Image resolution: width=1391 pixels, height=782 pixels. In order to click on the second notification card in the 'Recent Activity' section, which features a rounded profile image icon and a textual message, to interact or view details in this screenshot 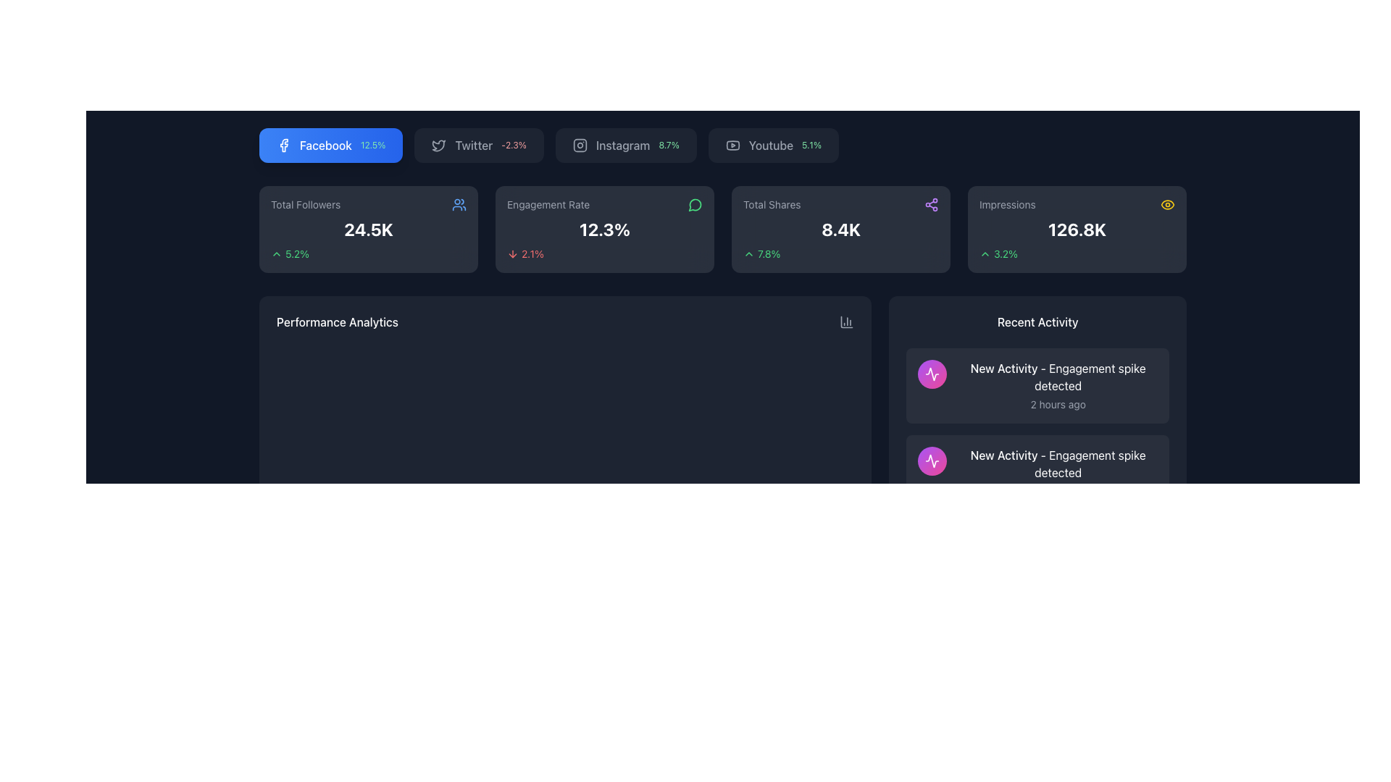, I will do `click(1037, 472)`.